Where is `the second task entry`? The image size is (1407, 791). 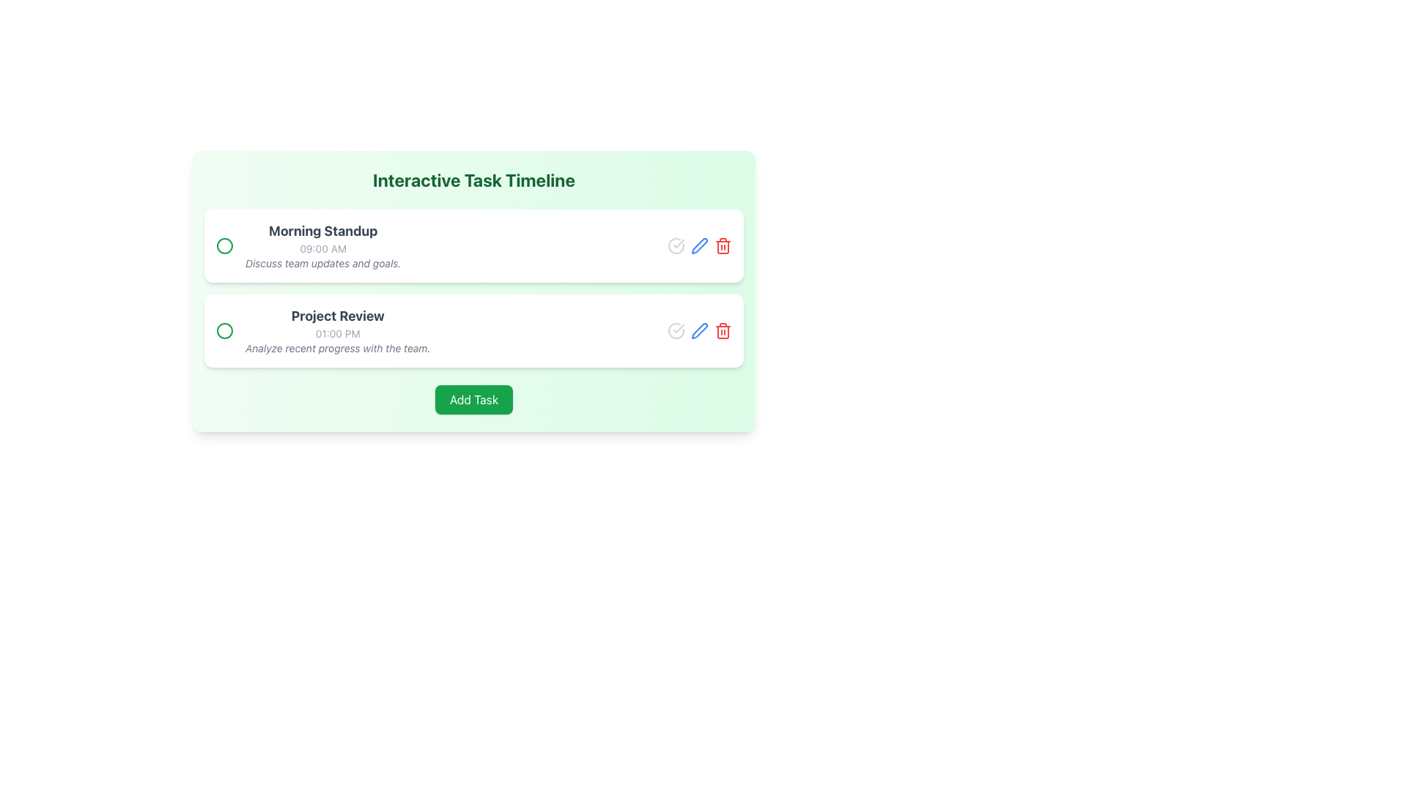 the second task entry is located at coordinates (322, 330).